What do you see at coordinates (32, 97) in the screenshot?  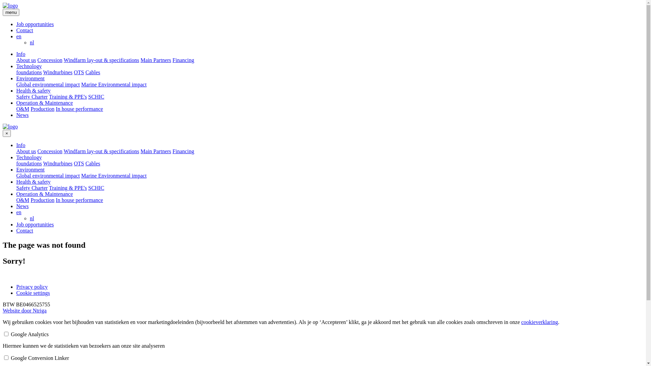 I see `'Safety Charter'` at bounding box center [32, 97].